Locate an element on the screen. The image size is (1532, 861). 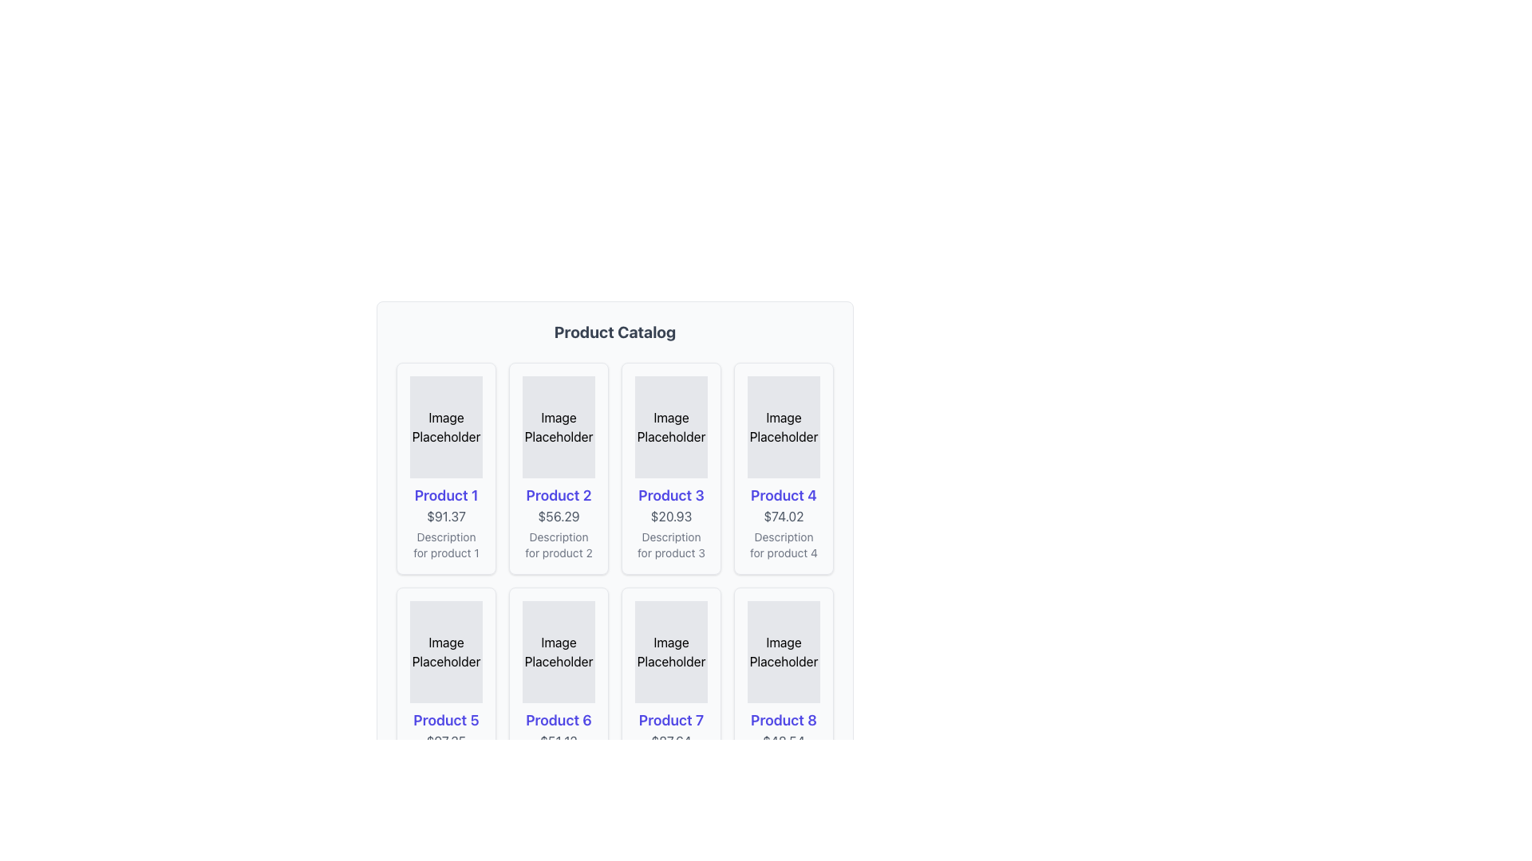
the price label for 'Product 1' is located at coordinates (446, 517).